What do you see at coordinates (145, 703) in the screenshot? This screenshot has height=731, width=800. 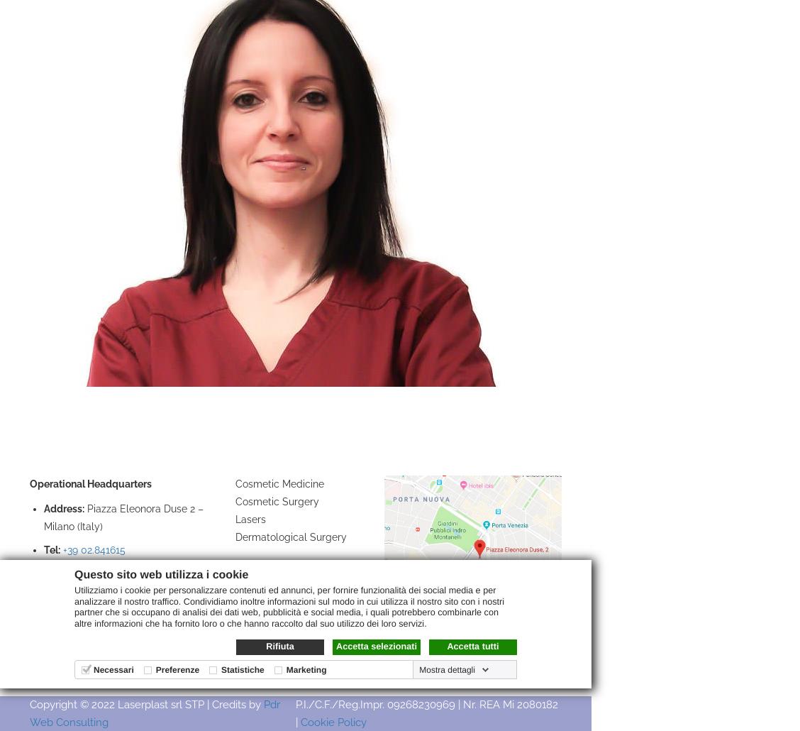 I see `'Copyright © 2022 Laserplast srl STP | Credits by'` at bounding box center [145, 703].